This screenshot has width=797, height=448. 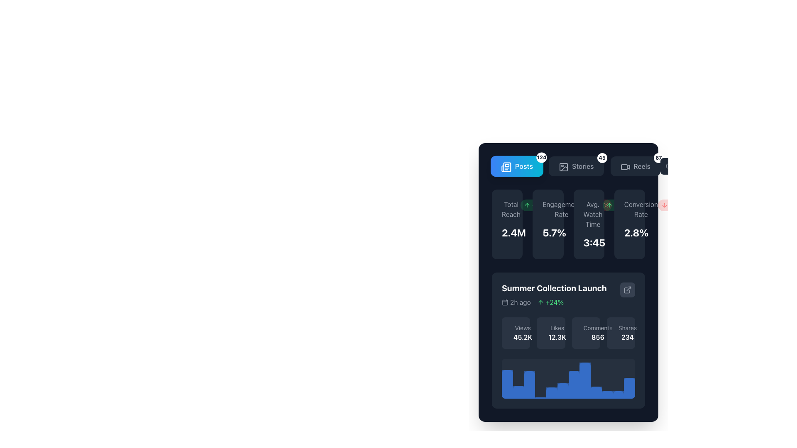 What do you see at coordinates (673, 205) in the screenshot?
I see `the value of the label displaying the conversion rate percentage, which is styled with a red, translucent background and includes a downward arrow icon` at bounding box center [673, 205].